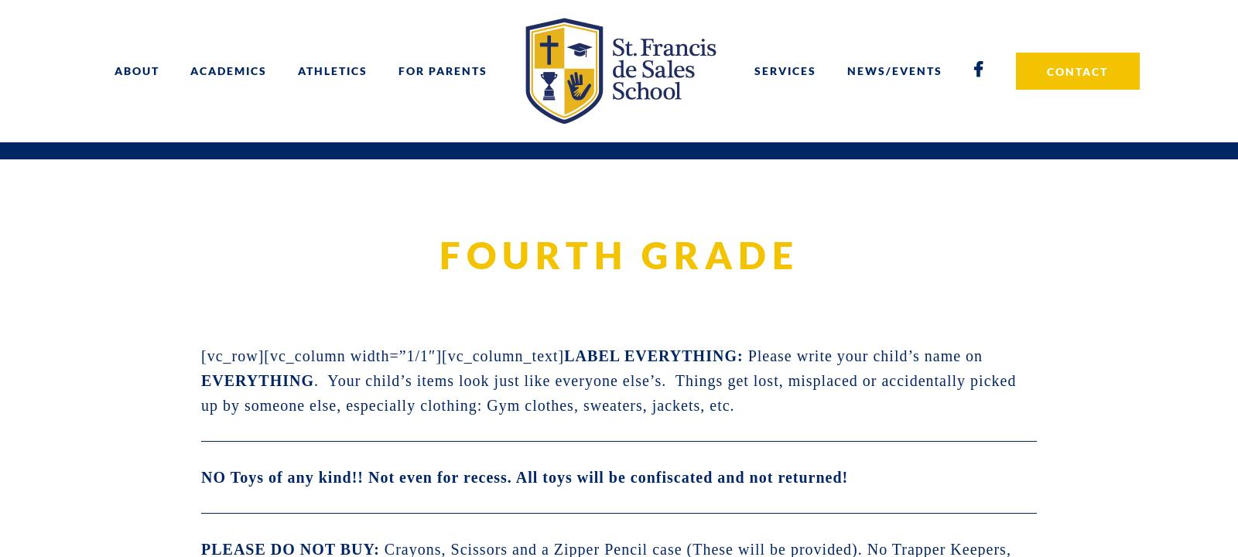 Image resolution: width=1238 pixels, height=557 pixels. What do you see at coordinates (311, 227) in the screenshot?
I see `'Registration'` at bounding box center [311, 227].